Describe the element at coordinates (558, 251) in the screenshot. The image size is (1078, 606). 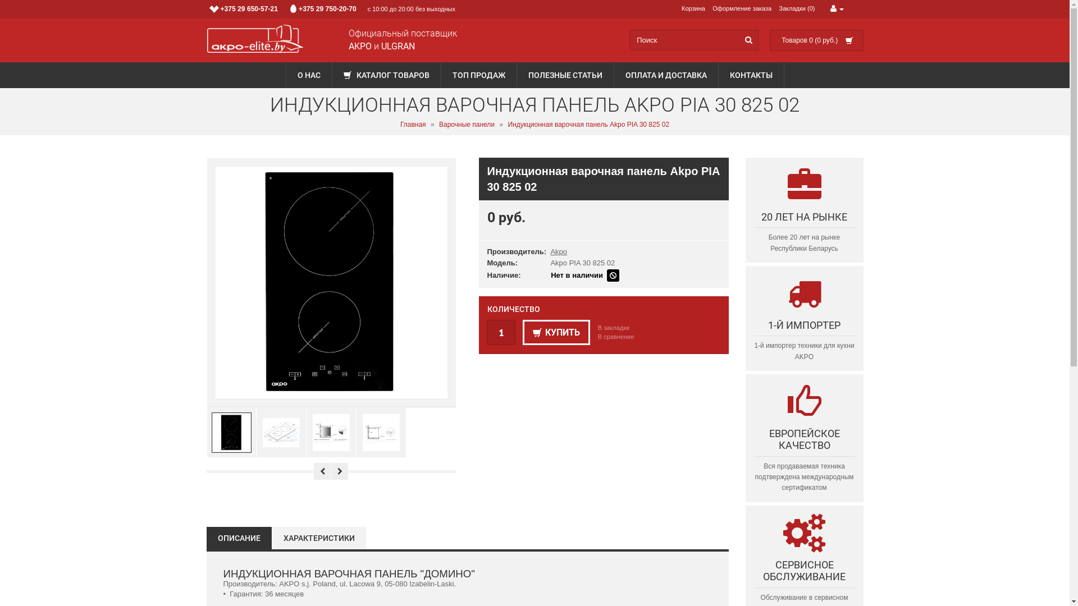
I see `'Akpo'` at that location.